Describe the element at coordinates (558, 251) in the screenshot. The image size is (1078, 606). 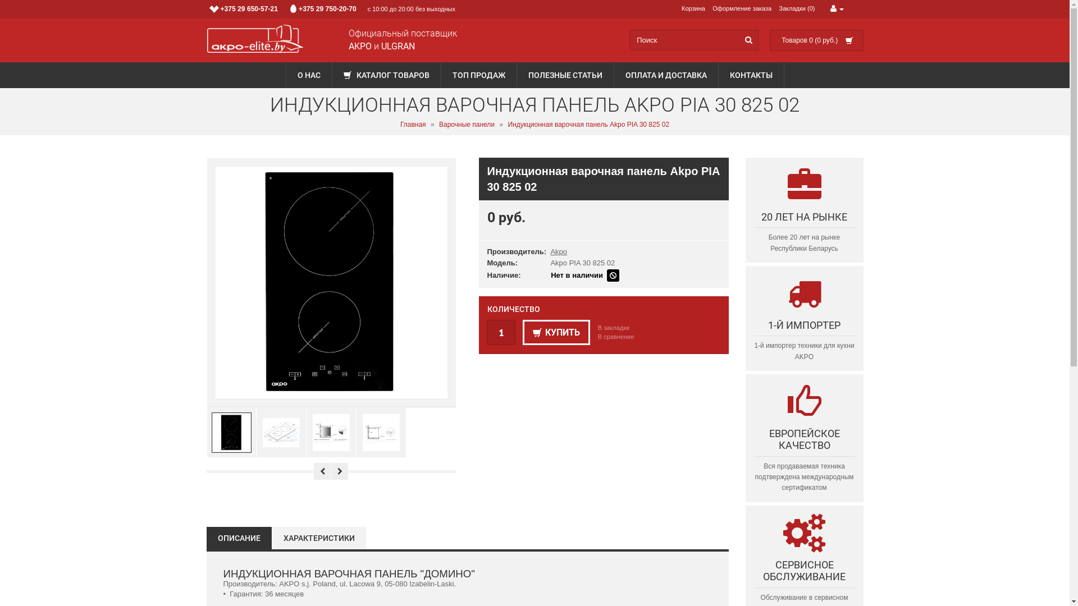
I see `'Akpo'` at that location.